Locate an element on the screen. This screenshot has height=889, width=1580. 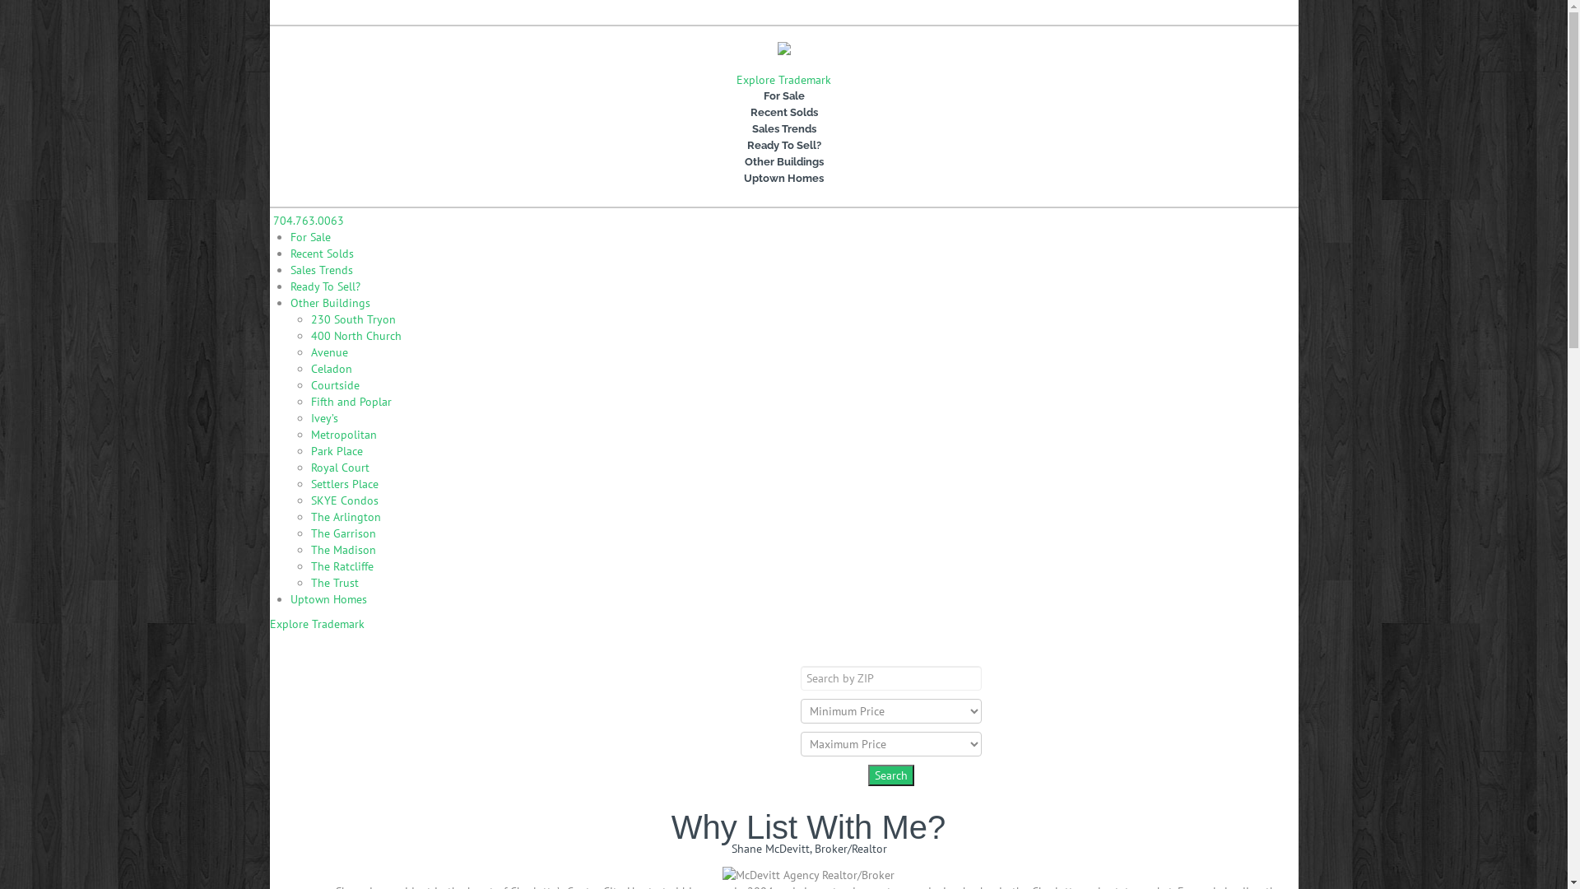
'The Arlington' is located at coordinates (311, 516).